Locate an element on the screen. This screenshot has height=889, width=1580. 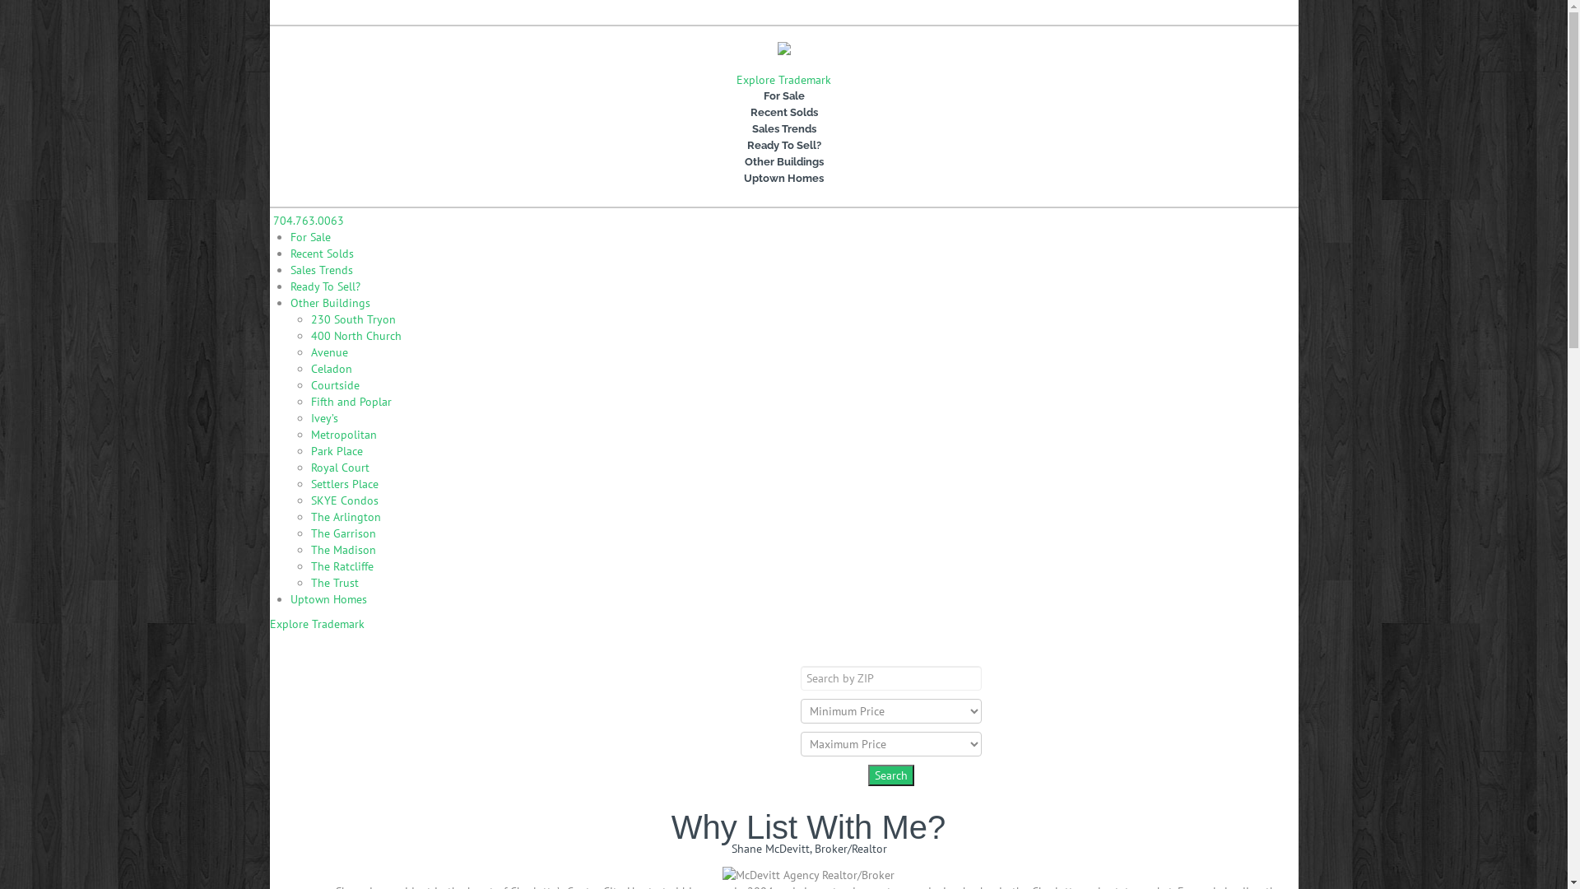
'The Arlington' is located at coordinates (311, 516).